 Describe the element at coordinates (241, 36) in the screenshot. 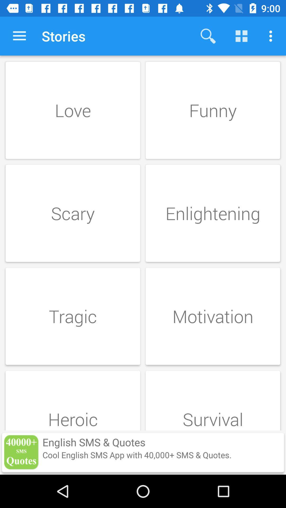

I see `item above the funny item` at that location.